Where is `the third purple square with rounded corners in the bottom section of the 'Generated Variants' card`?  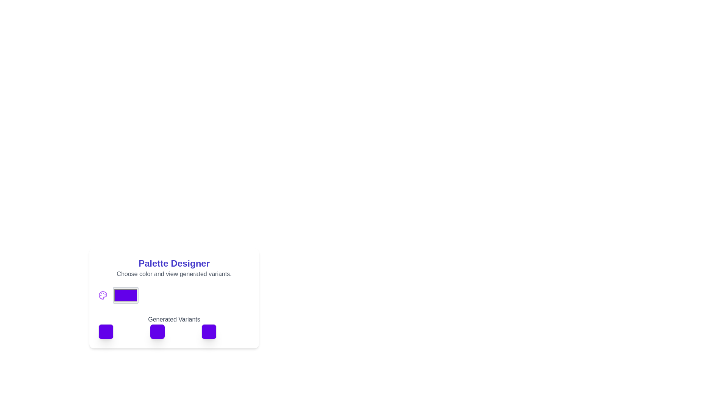
the third purple square with rounded corners in the bottom section of the 'Generated Variants' card is located at coordinates (209, 331).